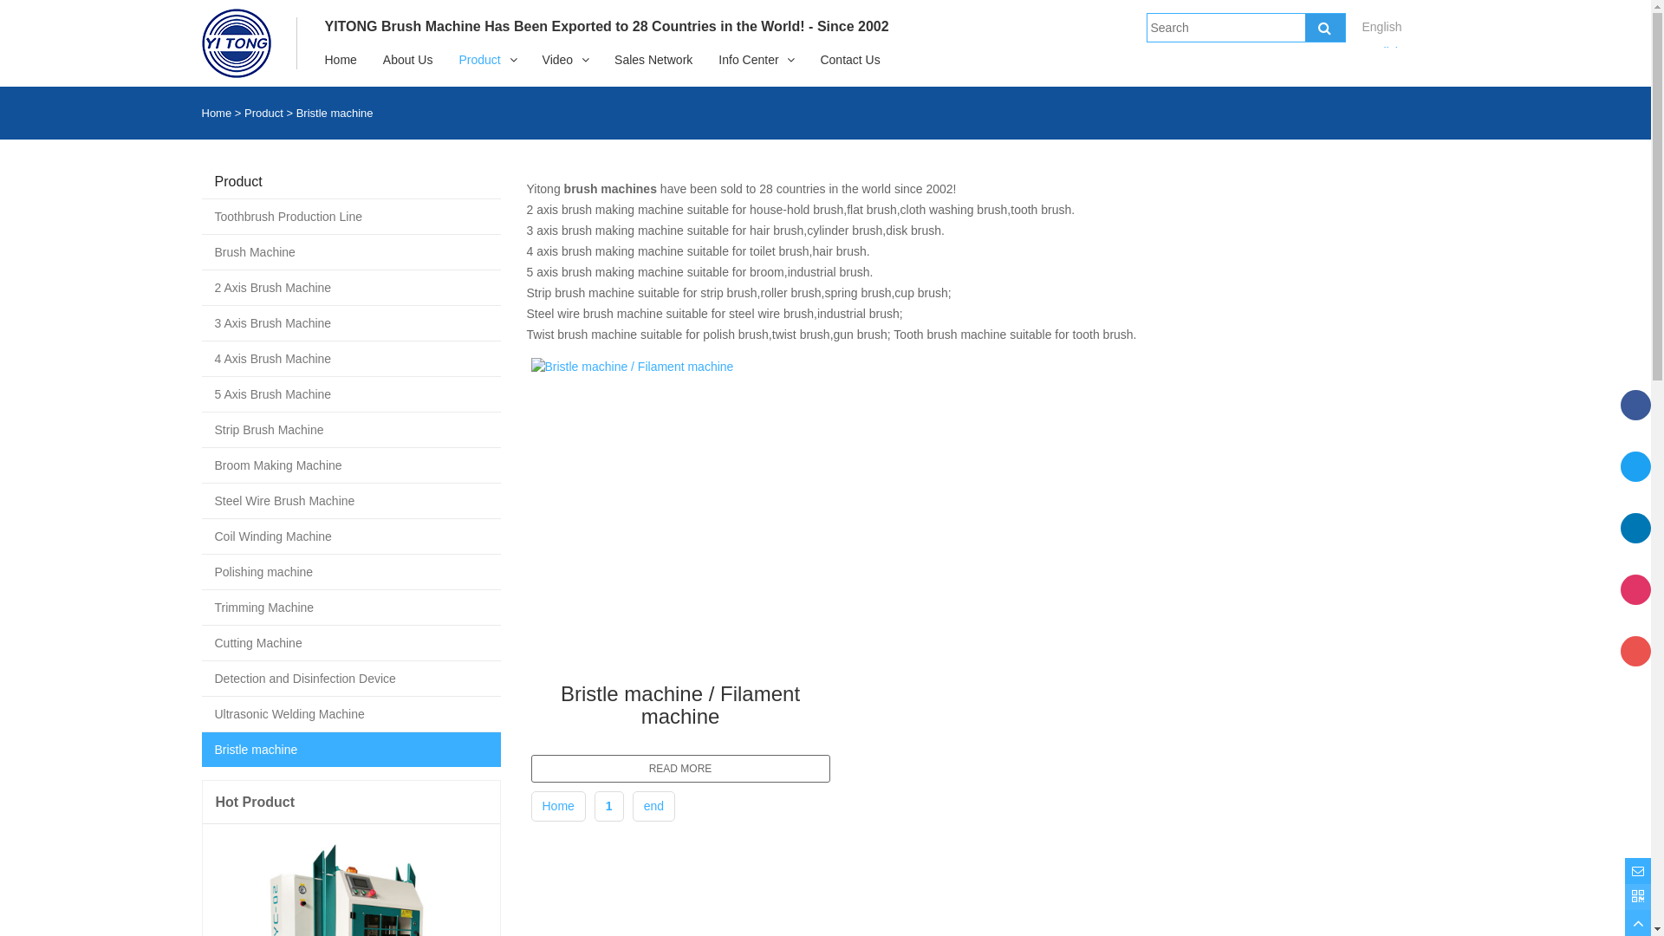 The image size is (1664, 936). Describe the element at coordinates (1635, 665) in the screenshot. I see `'youtube'` at that location.